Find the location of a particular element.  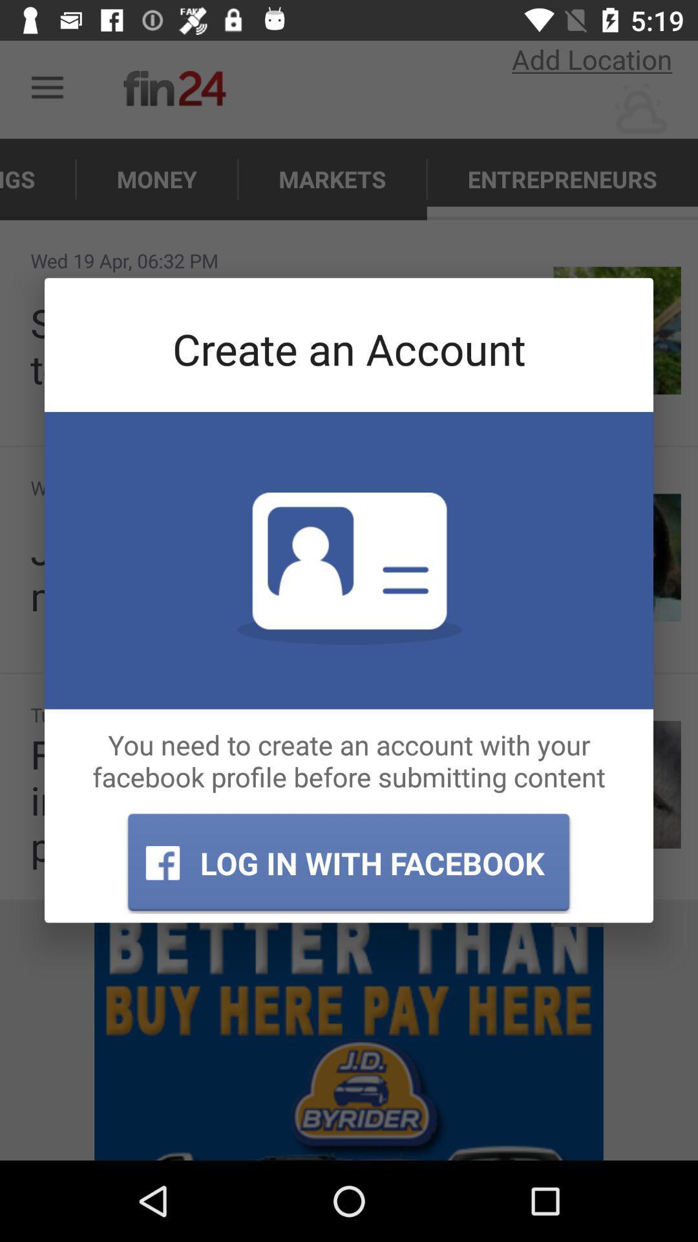

item at the bottom is located at coordinates (348, 863).